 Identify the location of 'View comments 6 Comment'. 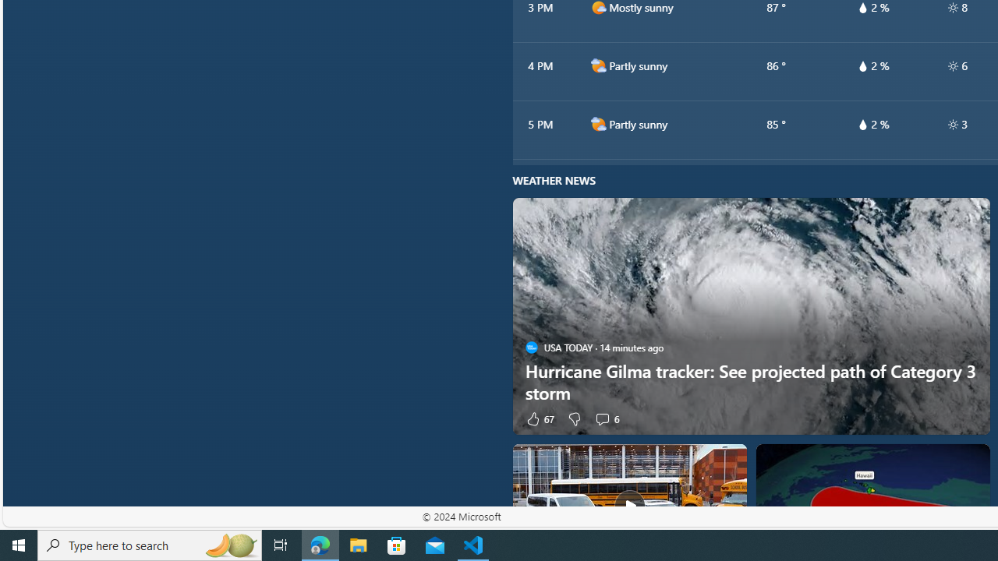
(606, 418).